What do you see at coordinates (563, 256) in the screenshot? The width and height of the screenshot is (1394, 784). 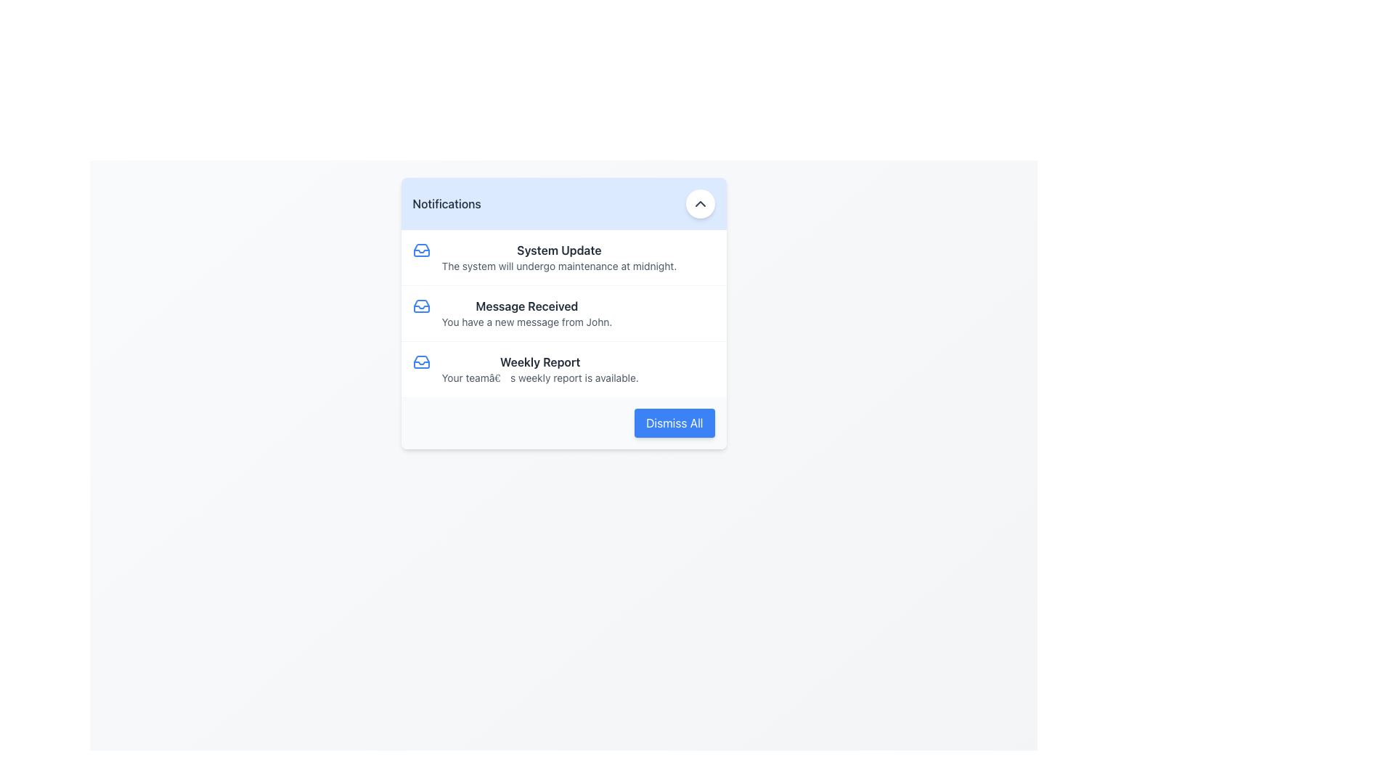 I see `the Notification Card that informs about the upcoming system update scheduled at midnight, located directly below the 'Notifications' section header` at bounding box center [563, 256].